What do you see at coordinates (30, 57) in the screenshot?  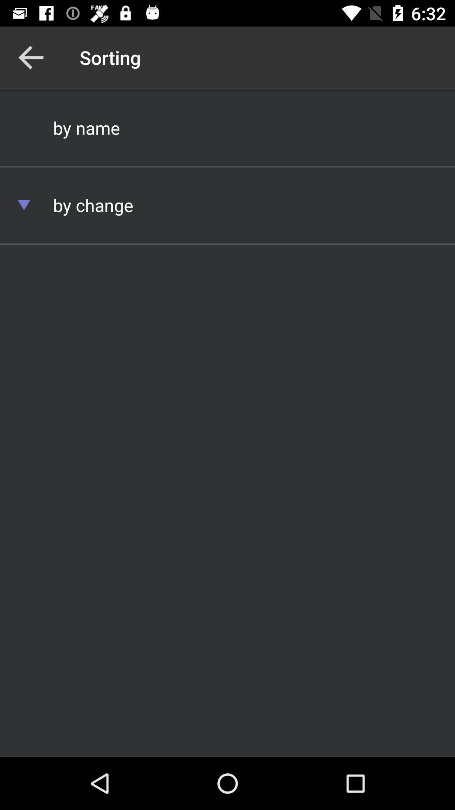 I see `previous page` at bounding box center [30, 57].